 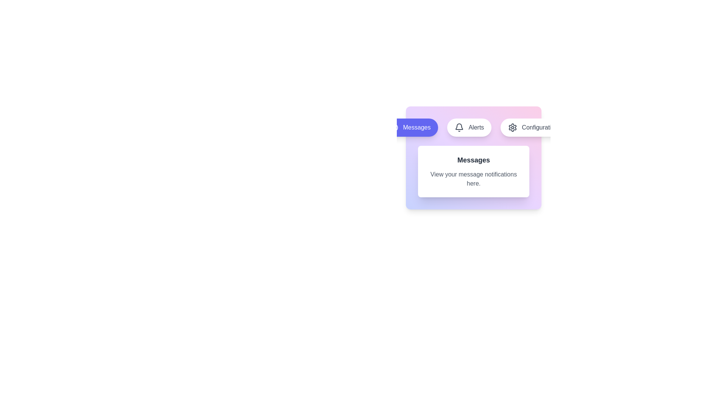 I want to click on the Configuration tab, so click(x=532, y=127).